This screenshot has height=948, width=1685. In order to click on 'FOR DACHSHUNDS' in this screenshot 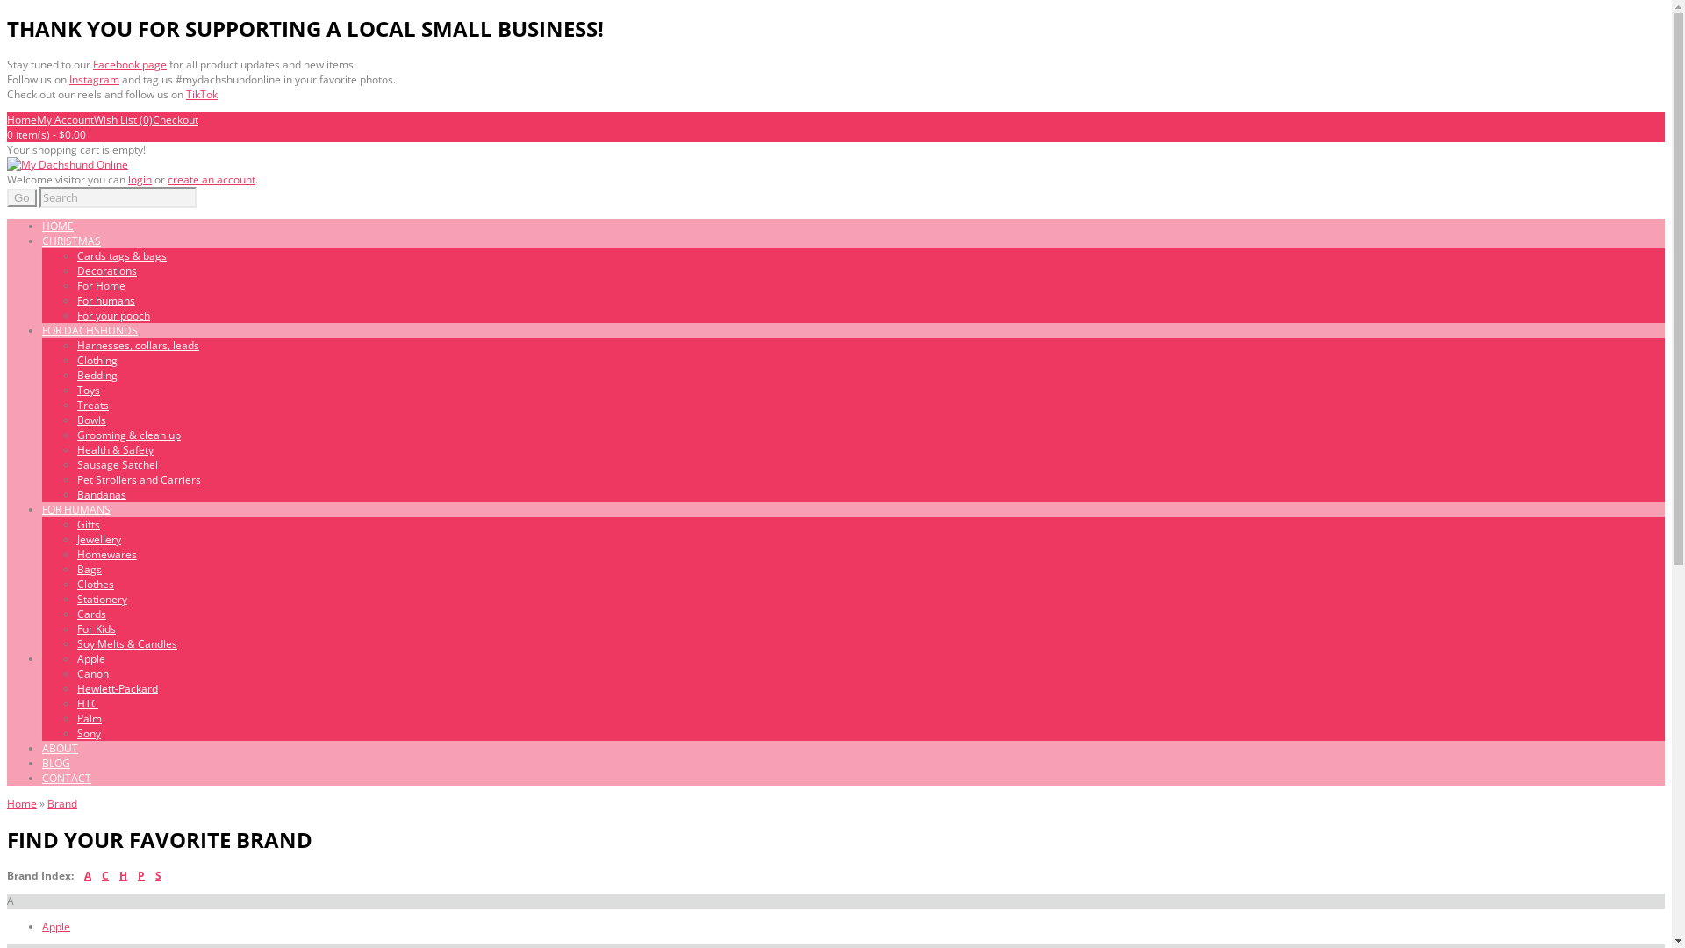, I will do `click(89, 330)`.